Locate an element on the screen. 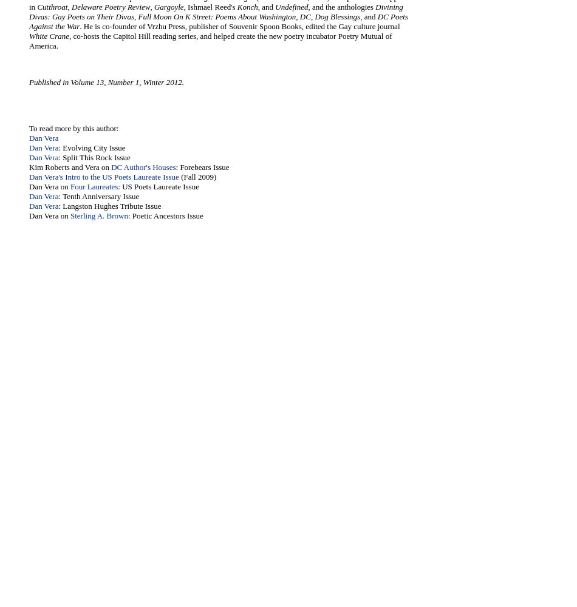 This screenshot has width=577, height=607. 'Divining Divas: 
          Gay Poets on Their Divas' is located at coordinates (215, 12).